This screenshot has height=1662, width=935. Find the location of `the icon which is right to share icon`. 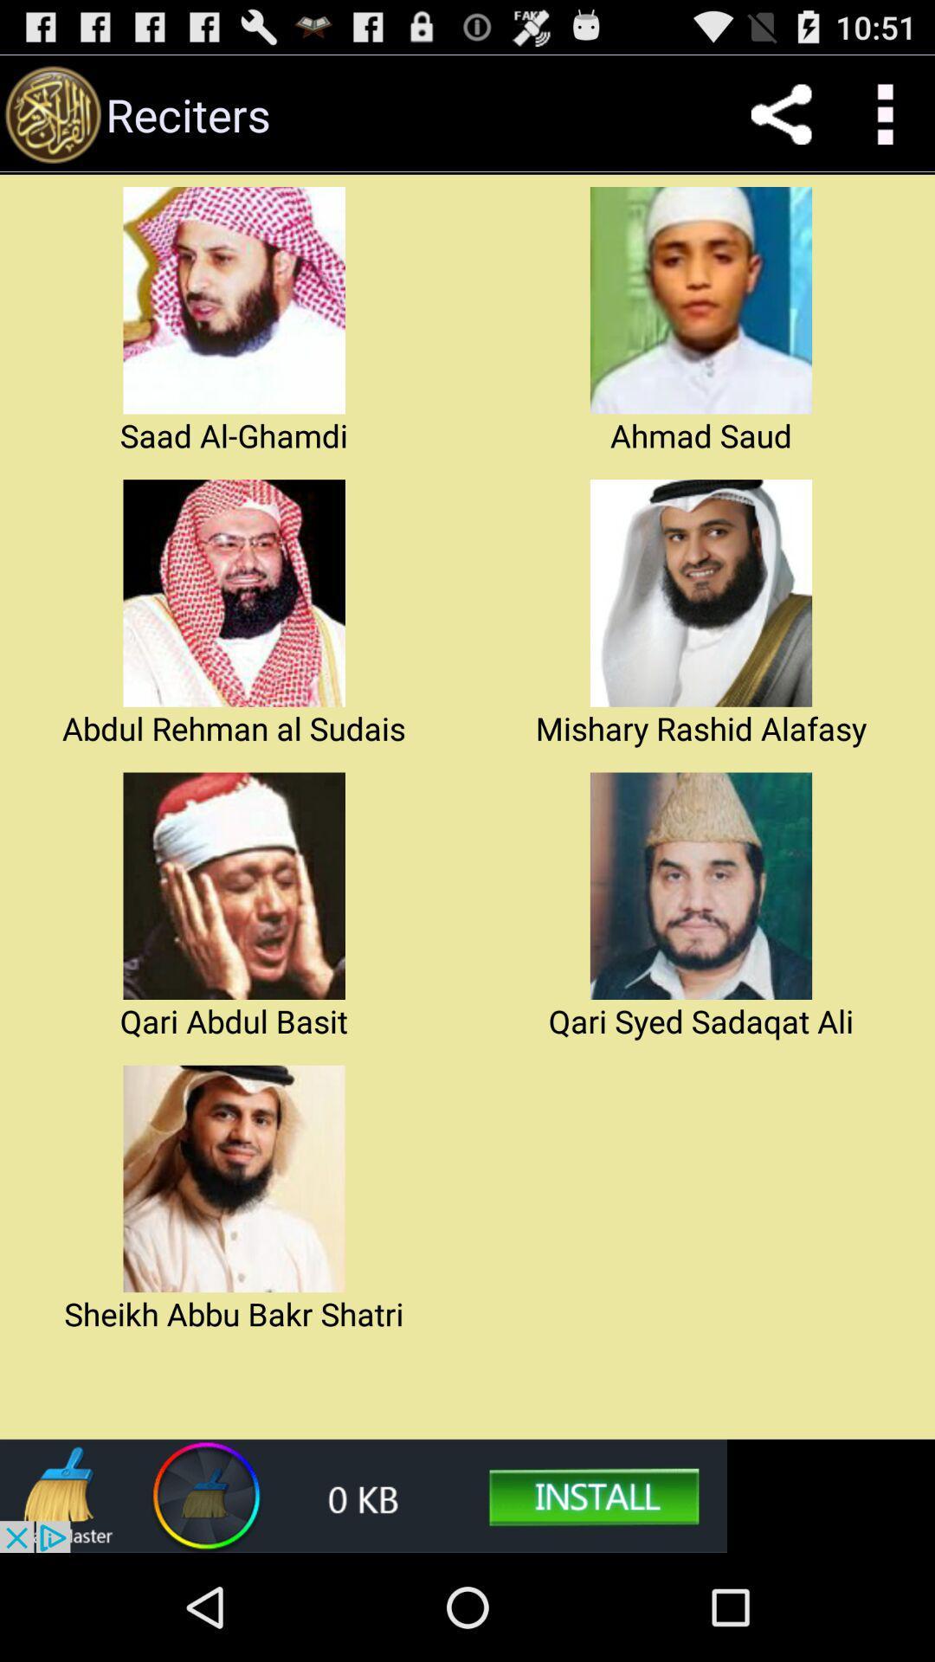

the icon which is right to share icon is located at coordinates (884, 113).